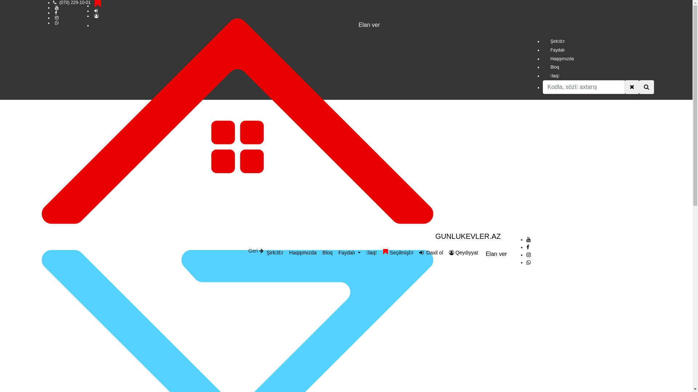 The width and height of the screenshot is (698, 392). What do you see at coordinates (496, 253) in the screenshot?
I see `'Elan ver'` at bounding box center [496, 253].